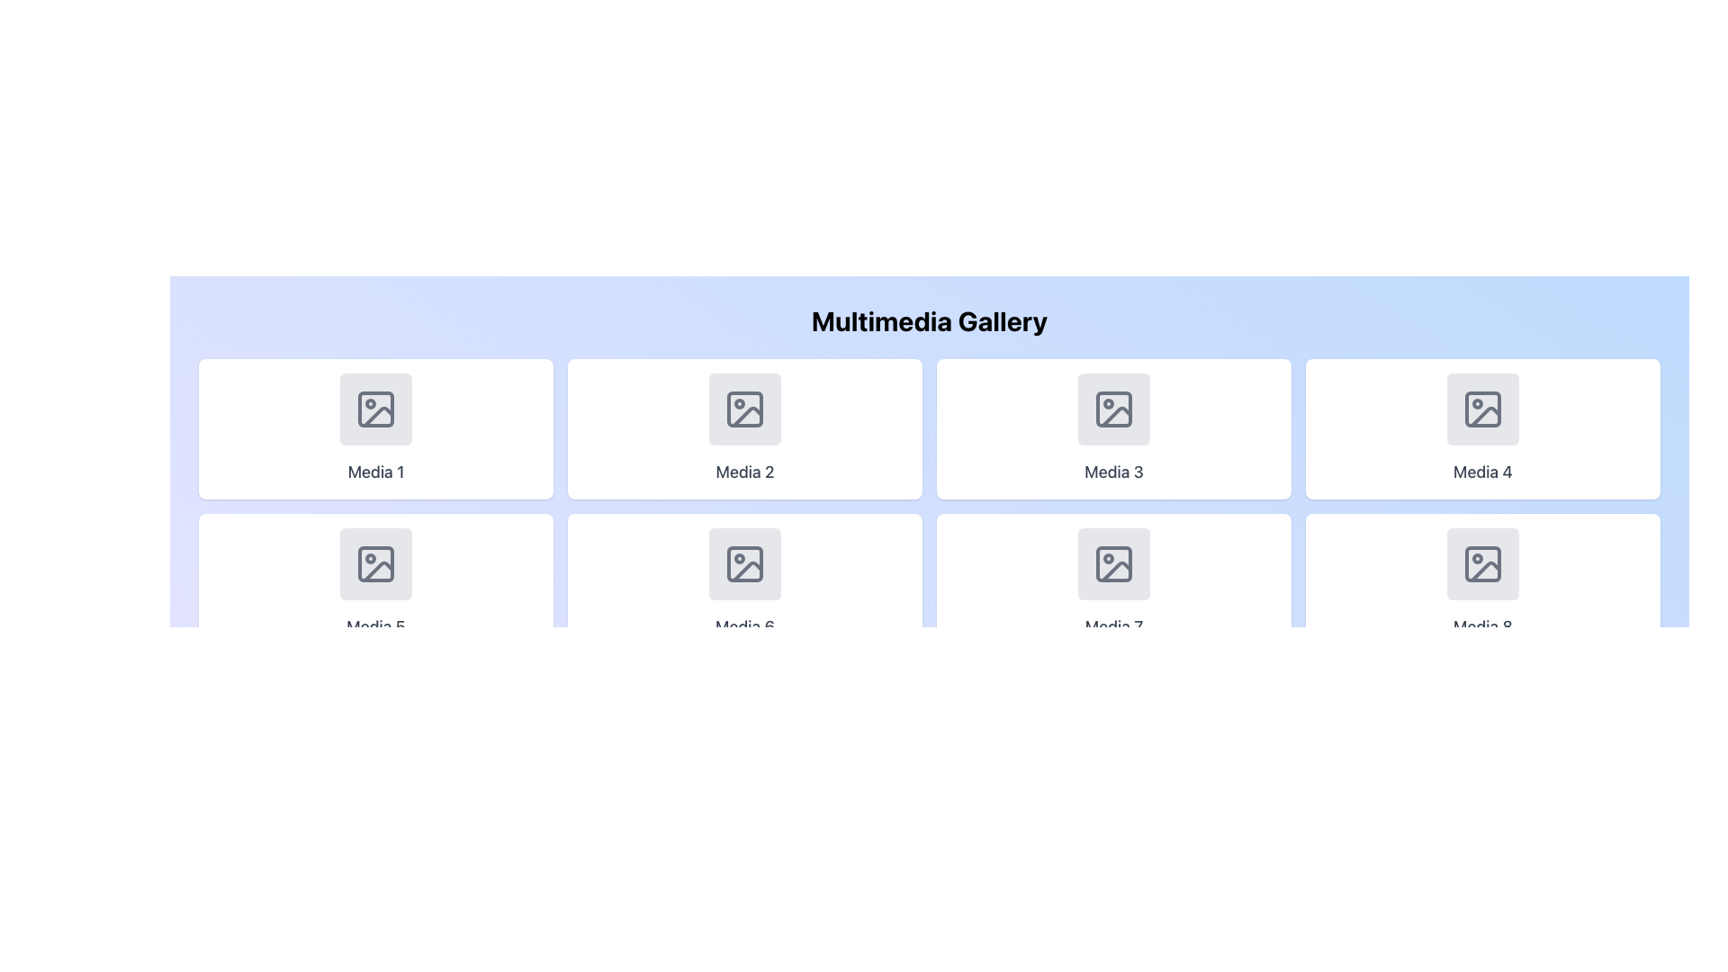 Image resolution: width=1728 pixels, height=972 pixels. Describe the element at coordinates (745, 563) in the screenshot. I see `the multimedia gallery icon that resembles a simplified image placeholder with a gray border` at that location.